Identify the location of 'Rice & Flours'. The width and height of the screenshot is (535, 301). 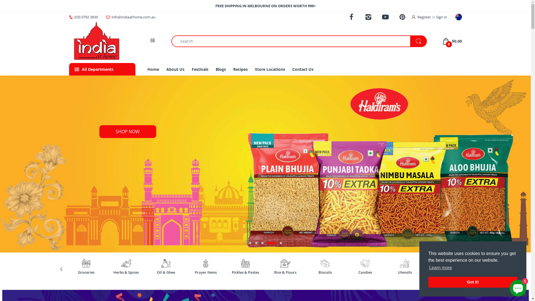
(285, 272).